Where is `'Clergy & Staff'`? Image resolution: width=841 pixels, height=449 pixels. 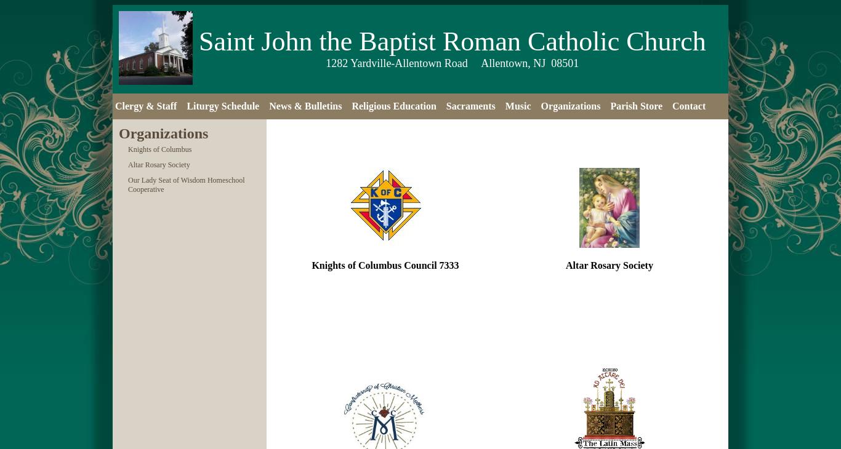 'Clergy & Staff' is located at coordinates (115, 105).